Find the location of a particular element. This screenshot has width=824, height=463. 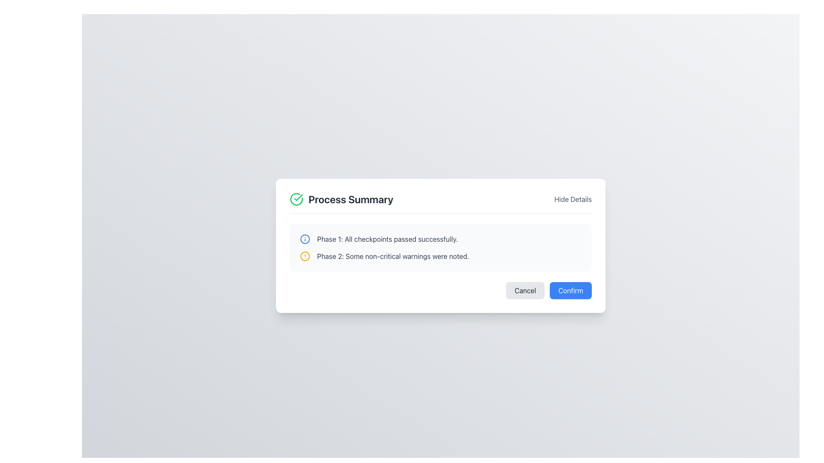

the warning notification icon located to the left of the text 'Phase 2: Some non-critical warnings were noted.' is located at coordinates (305, 256).